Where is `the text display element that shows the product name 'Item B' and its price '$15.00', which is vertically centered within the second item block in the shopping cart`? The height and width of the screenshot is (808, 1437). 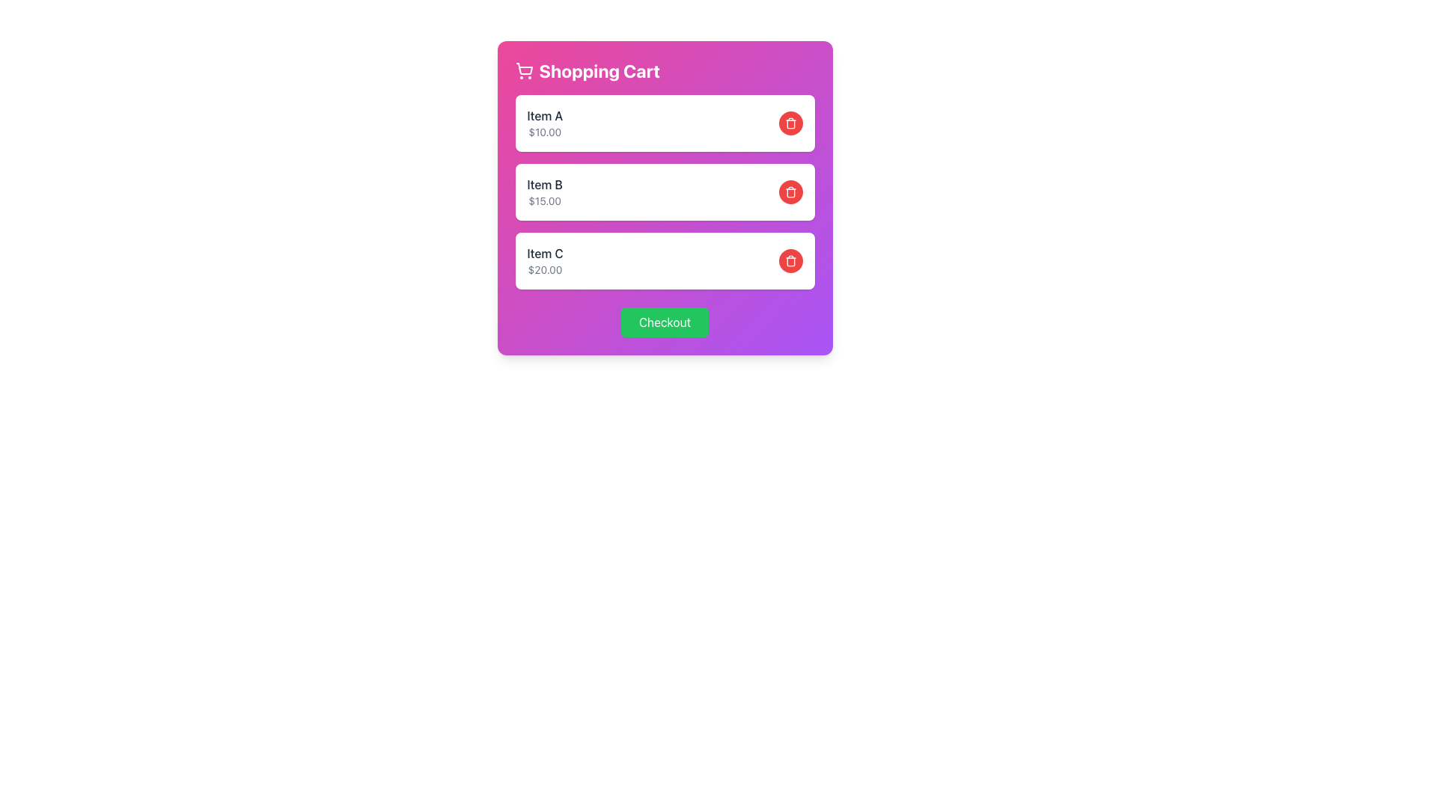 the text display element that shows the product name 'Item B' and its price '$15.00', which is vertically centered within the second item block in the shopping cart is located at coordinates (544, 192).